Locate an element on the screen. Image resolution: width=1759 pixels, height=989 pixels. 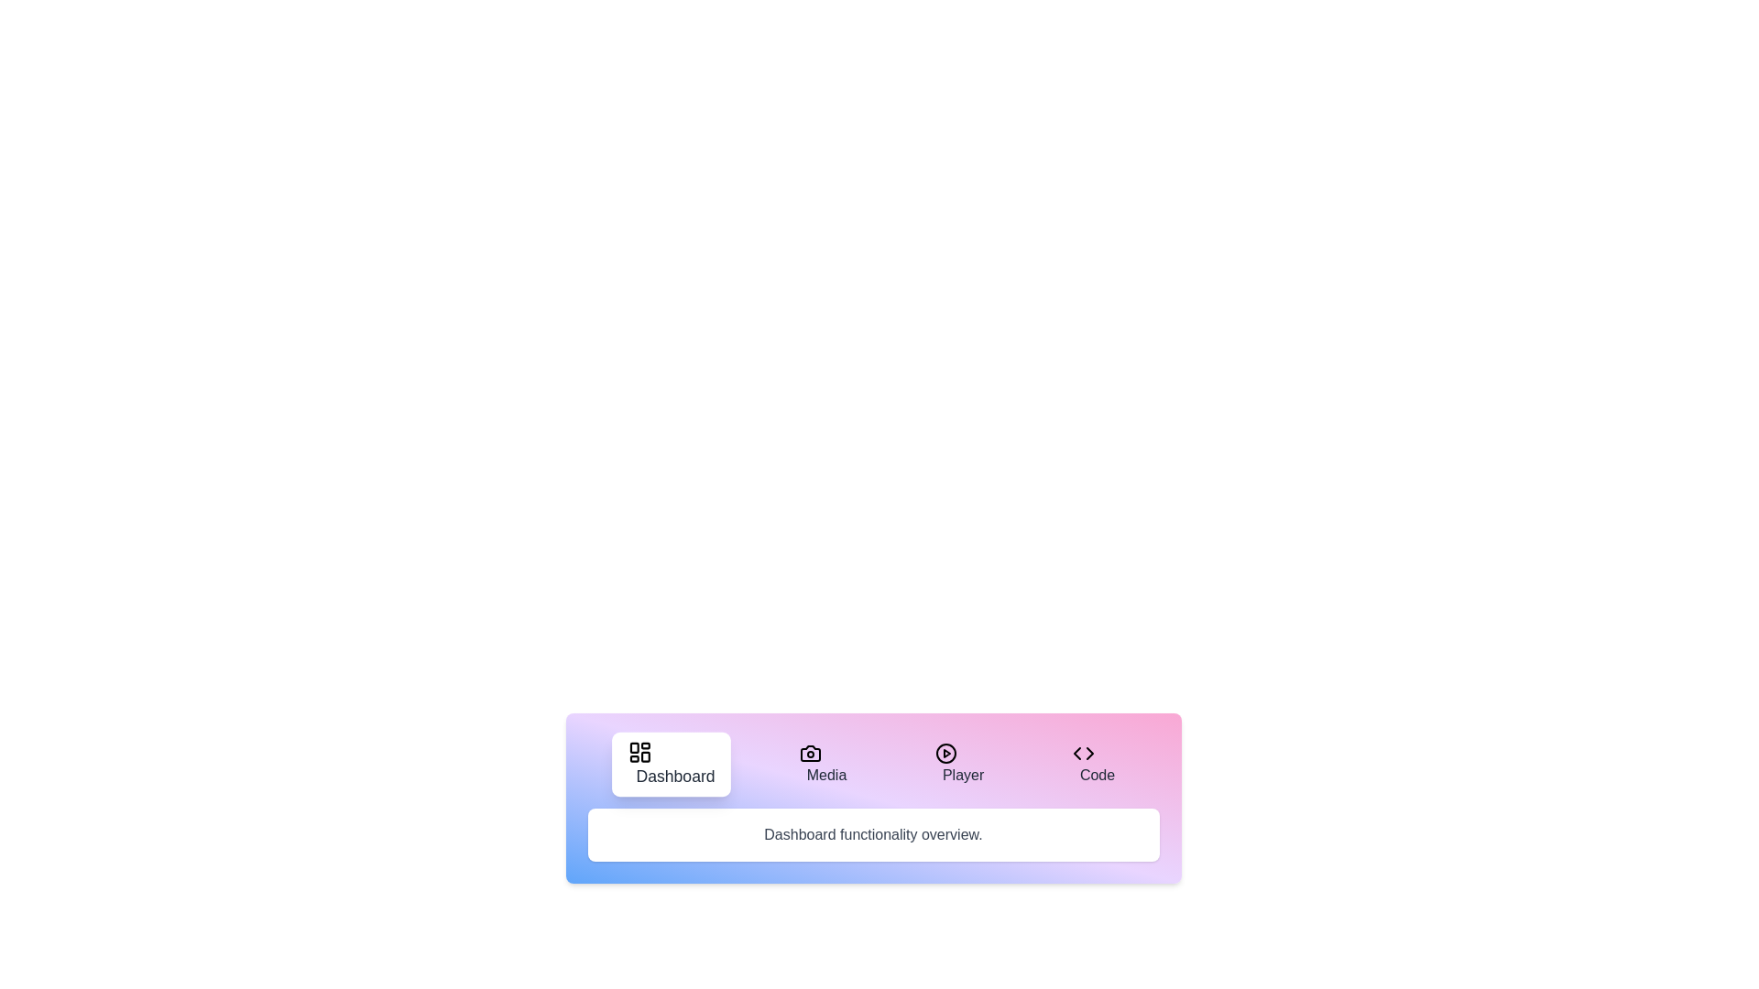
the tab labeled Code to observe visual feedback is located at coordinates (1094, 764).